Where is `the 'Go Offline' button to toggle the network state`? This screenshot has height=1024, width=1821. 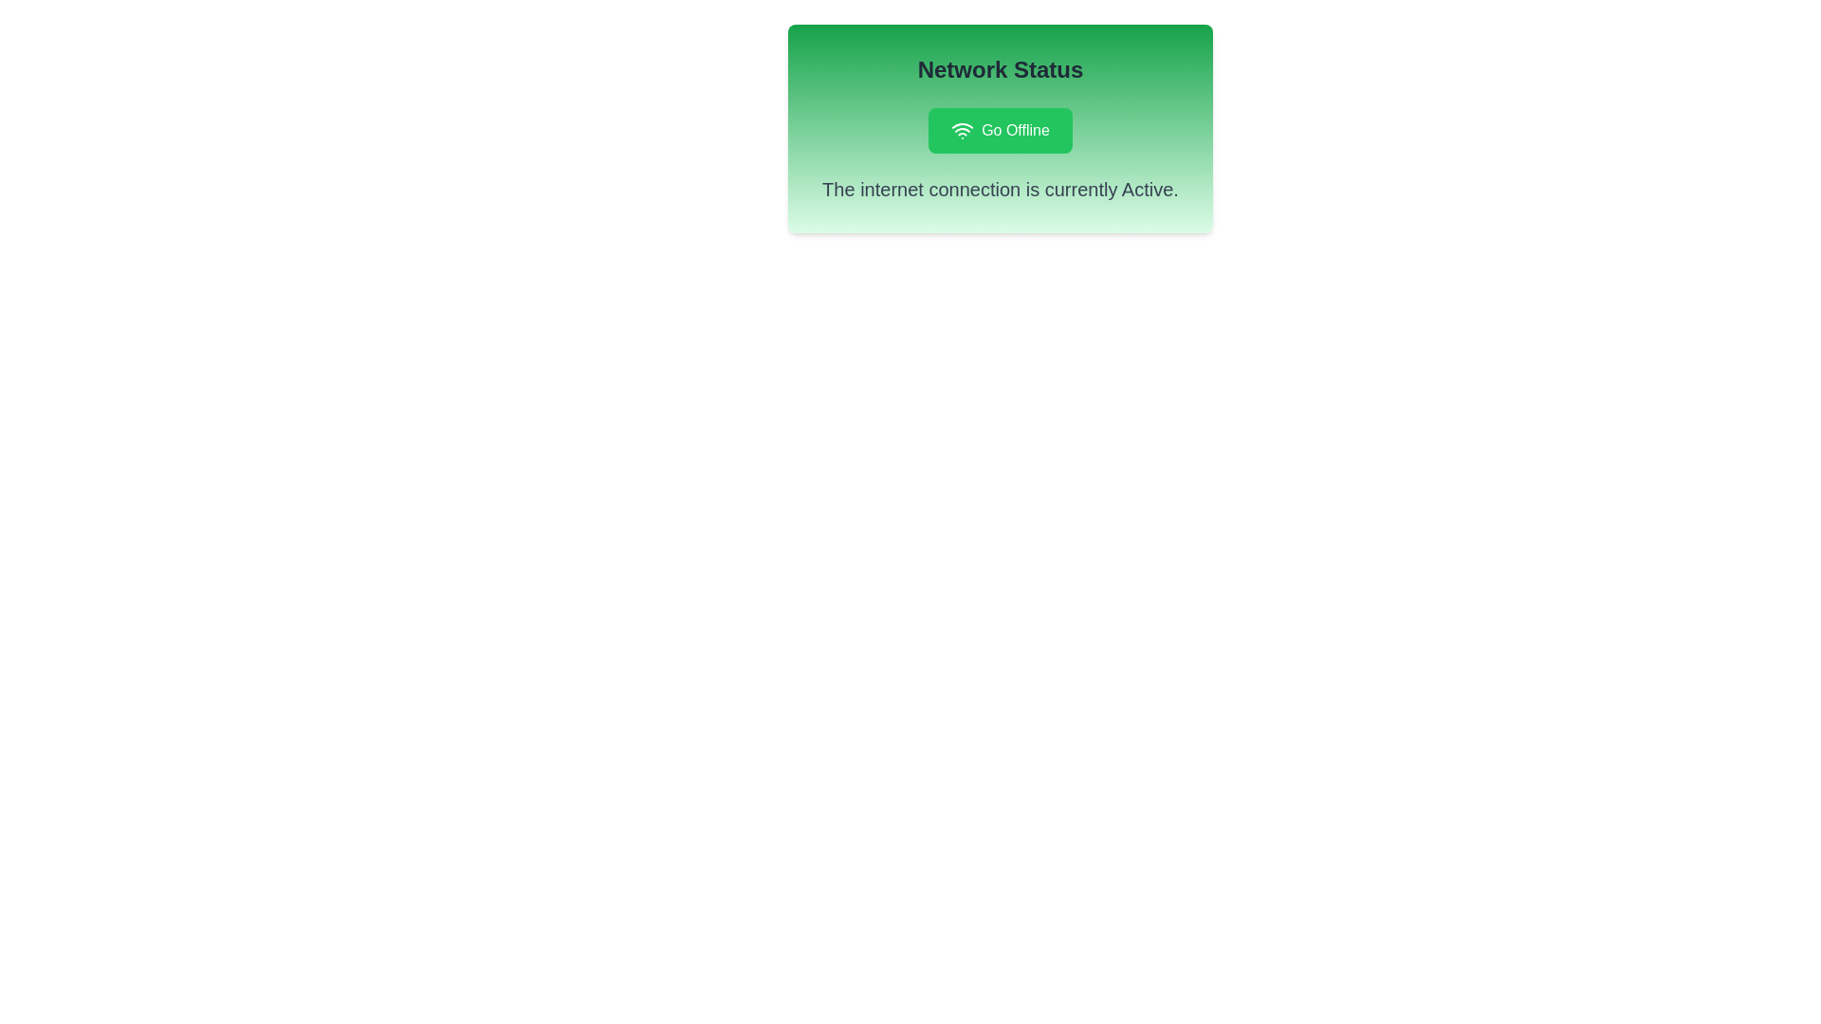
the 'Go Offline' button to toggle the network state is located at coordinates (1000, 130).